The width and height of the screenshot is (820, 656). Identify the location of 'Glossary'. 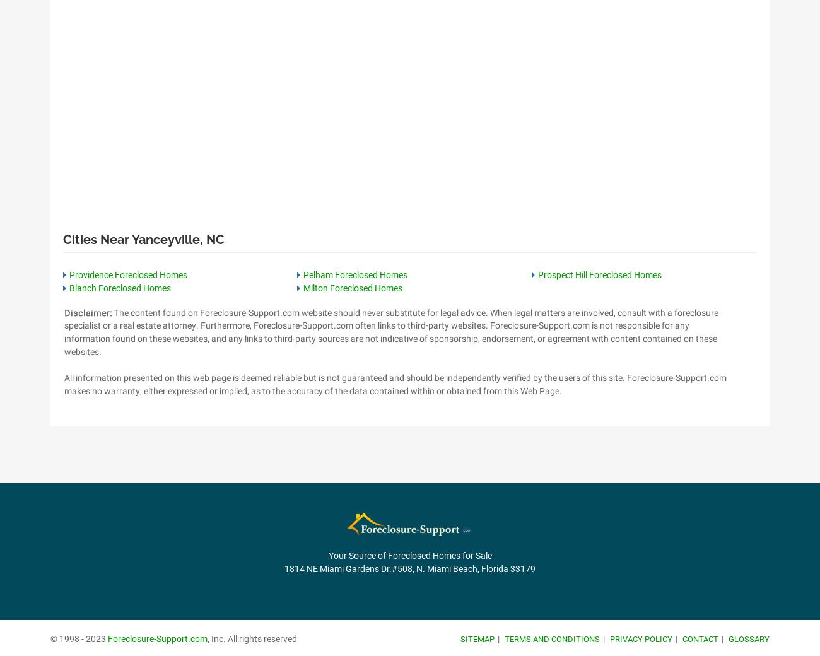
(749, 638).